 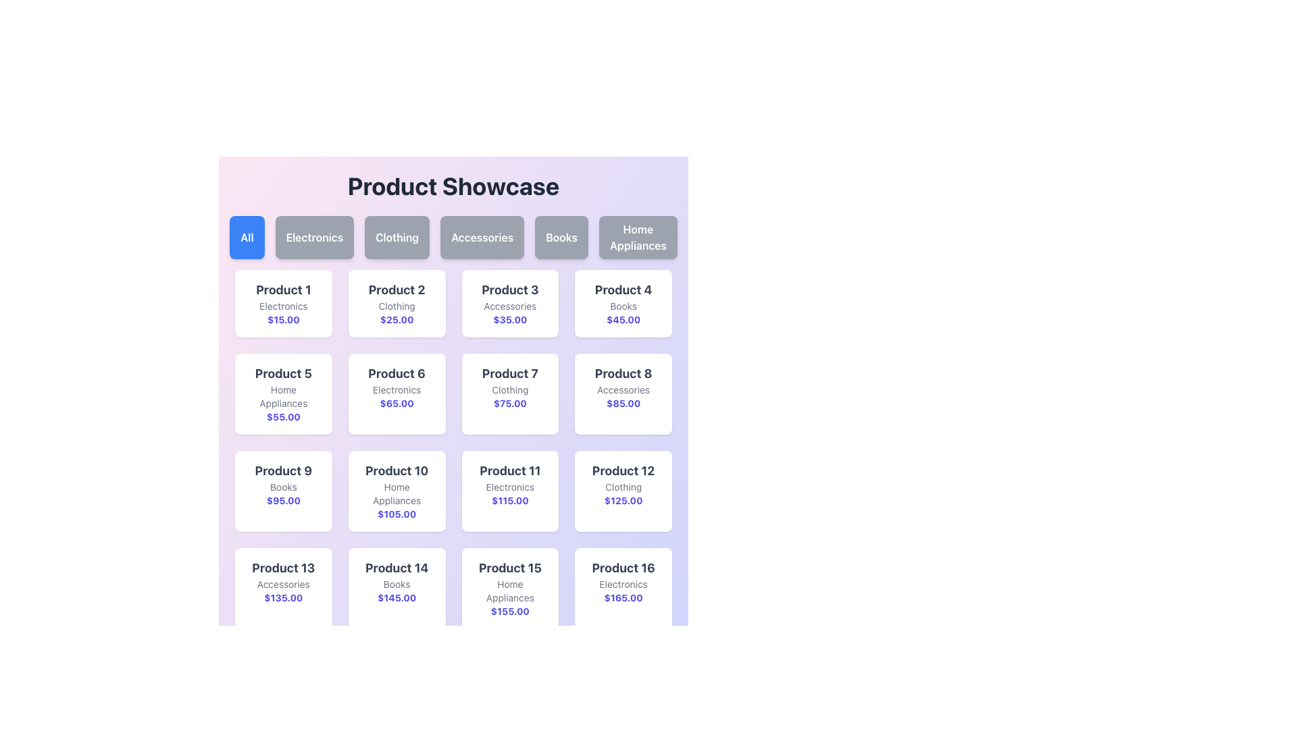 What do you see at coordinates (397, 236) in the screenshot?
I see `the 'Clothing' category filter button, which is the third button in a horizontal array of six buttons under the 'Product Showcase' title` at bounding box center [397, 236].